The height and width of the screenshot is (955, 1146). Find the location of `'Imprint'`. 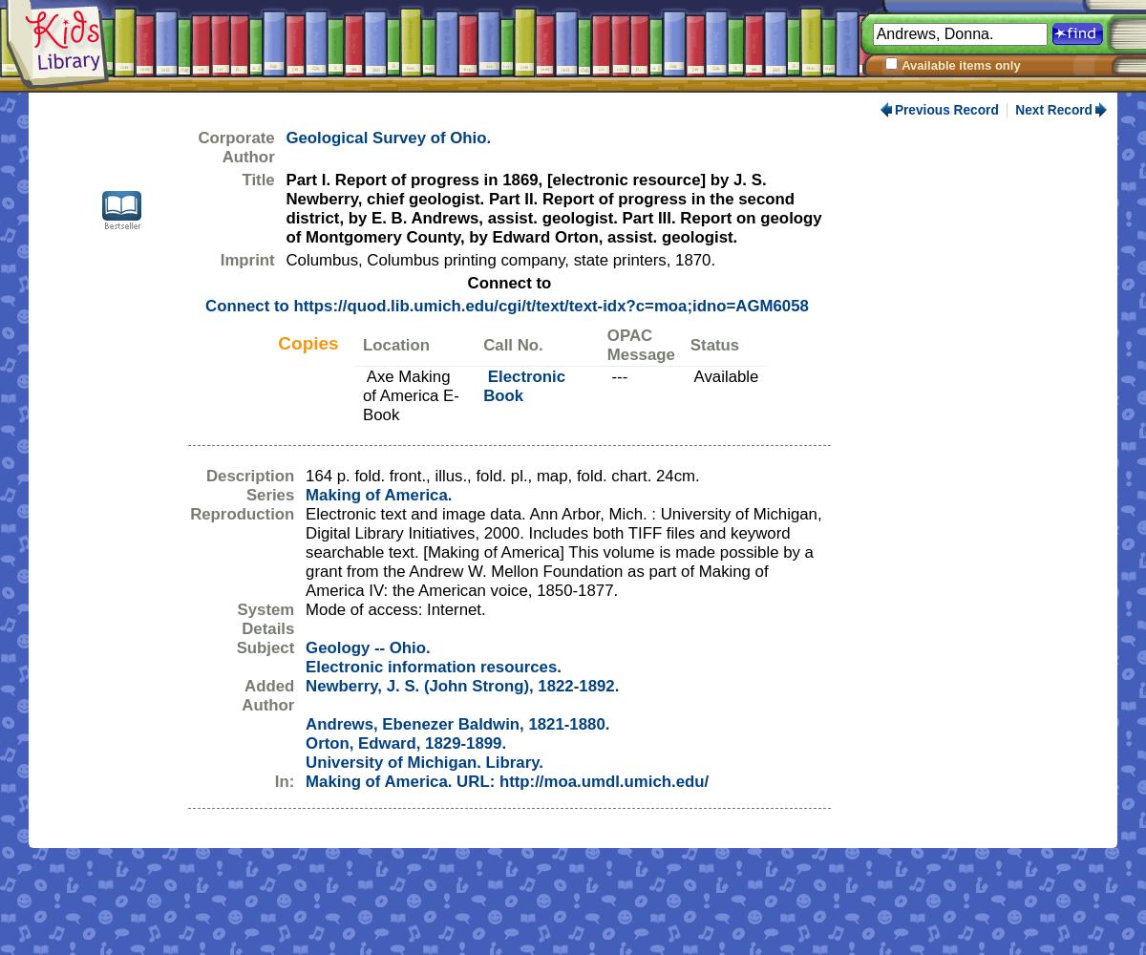

'Imprint' is located at coordinates (245, 260).